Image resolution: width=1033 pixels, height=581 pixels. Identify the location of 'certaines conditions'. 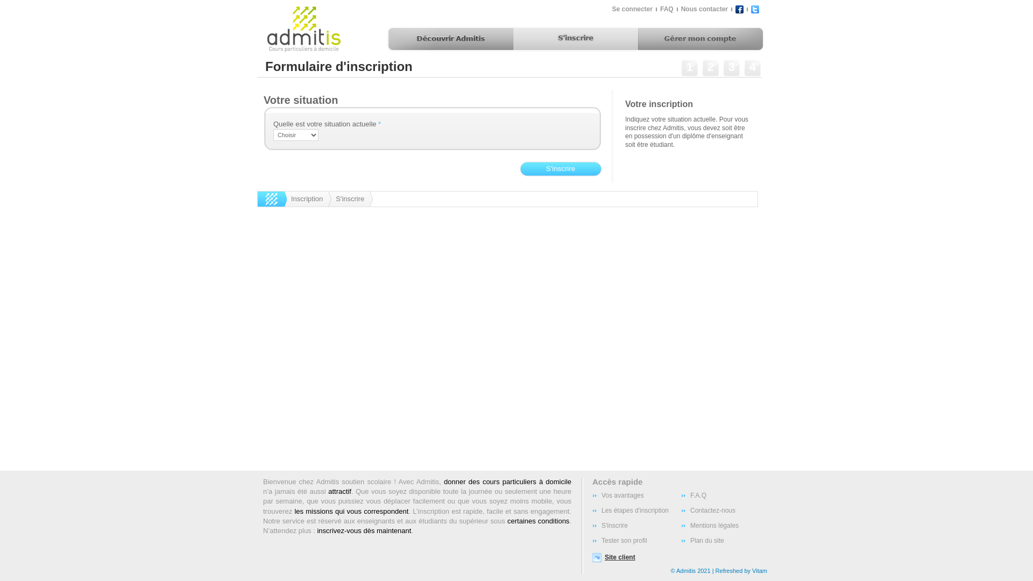
(538, 520).